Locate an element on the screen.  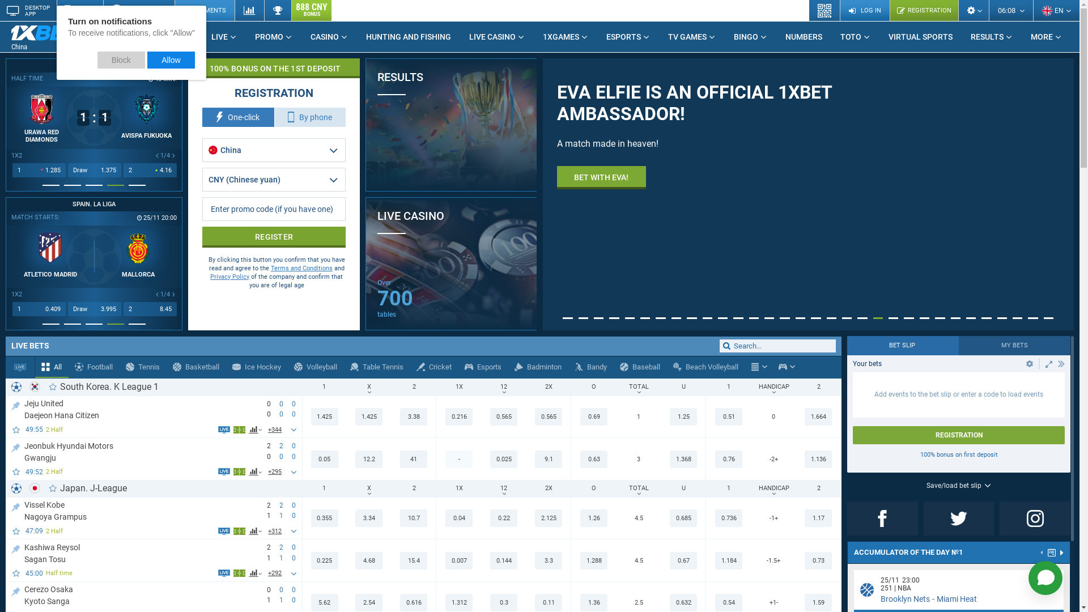
'Save/load bet slip' is located at coordinates (958, 484).